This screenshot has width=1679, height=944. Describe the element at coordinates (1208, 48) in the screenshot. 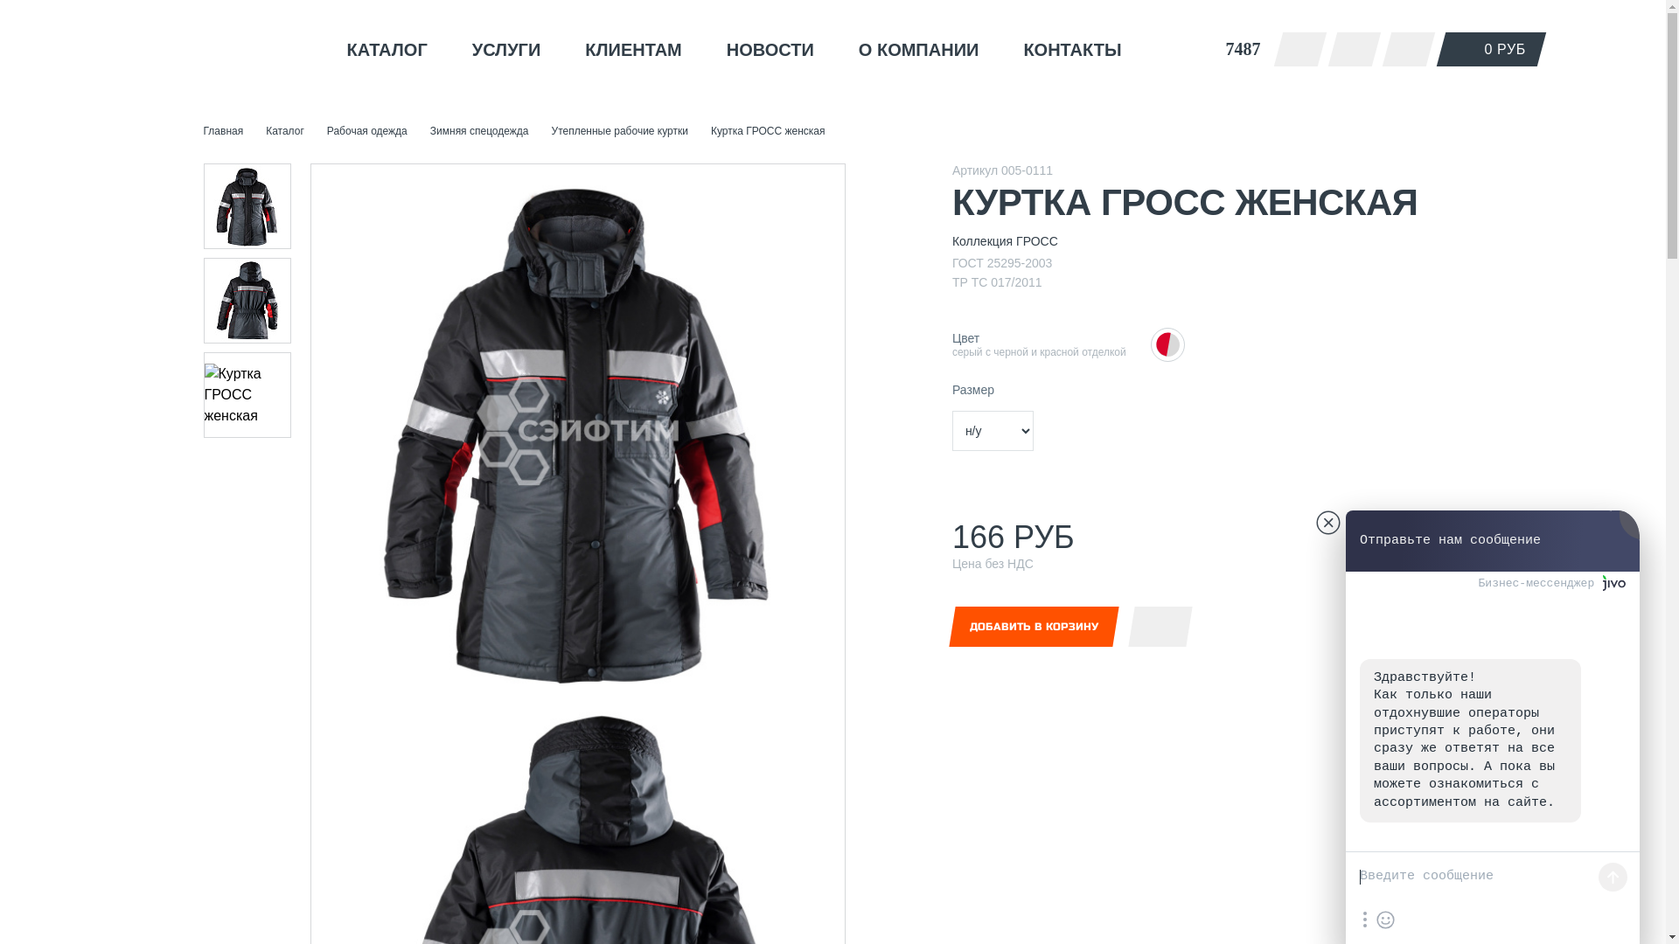

I see `'7487'` at that location.